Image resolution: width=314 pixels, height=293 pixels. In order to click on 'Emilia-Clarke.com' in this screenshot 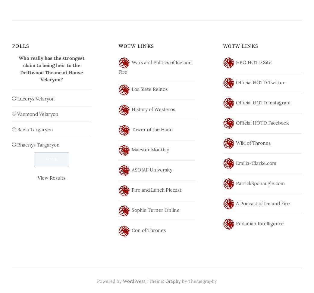, I will do `click(256, 163)`.